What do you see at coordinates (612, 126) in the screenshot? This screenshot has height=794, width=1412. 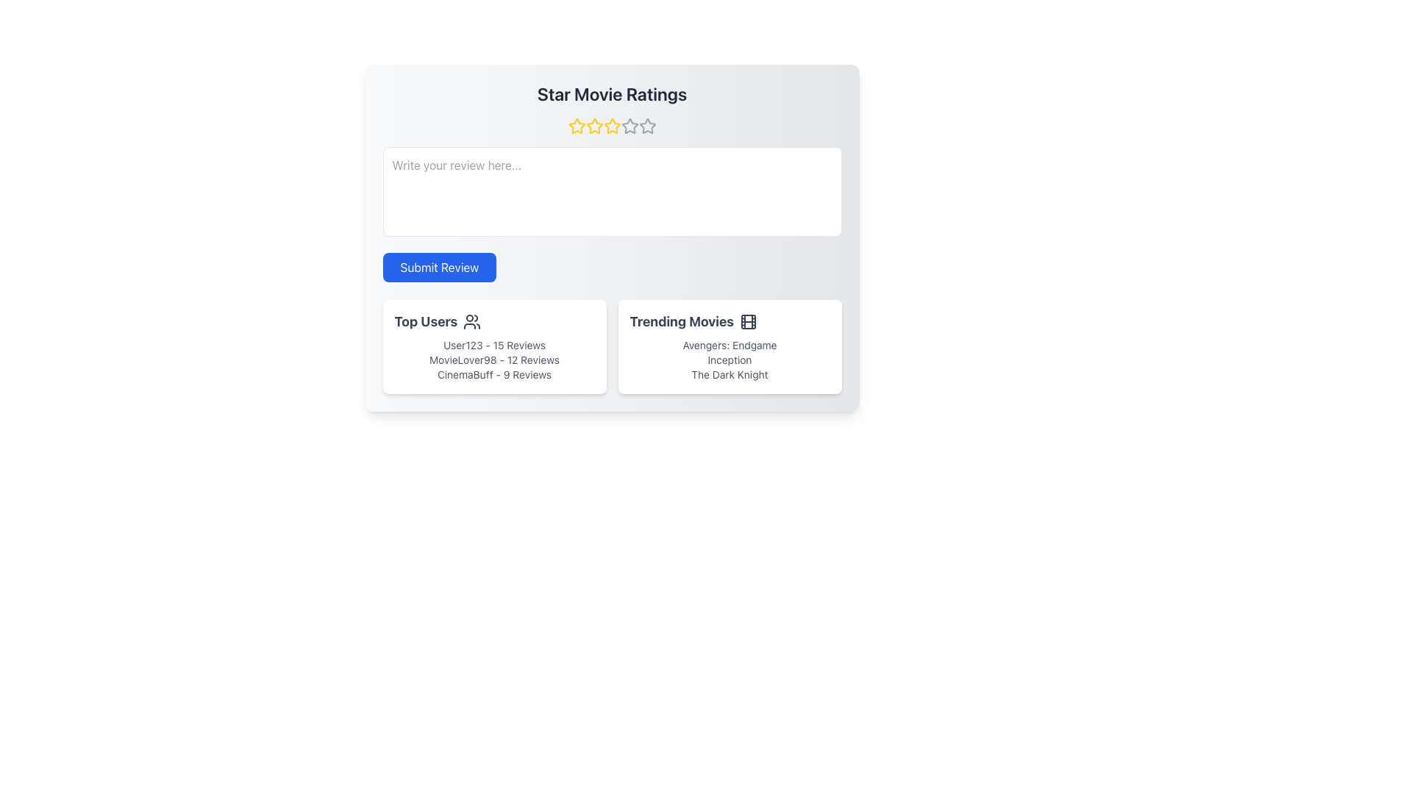 I see `the fourth clickable star icon for rating in the 'Star Movie Ratings' section` at bounding box center [612, 126].